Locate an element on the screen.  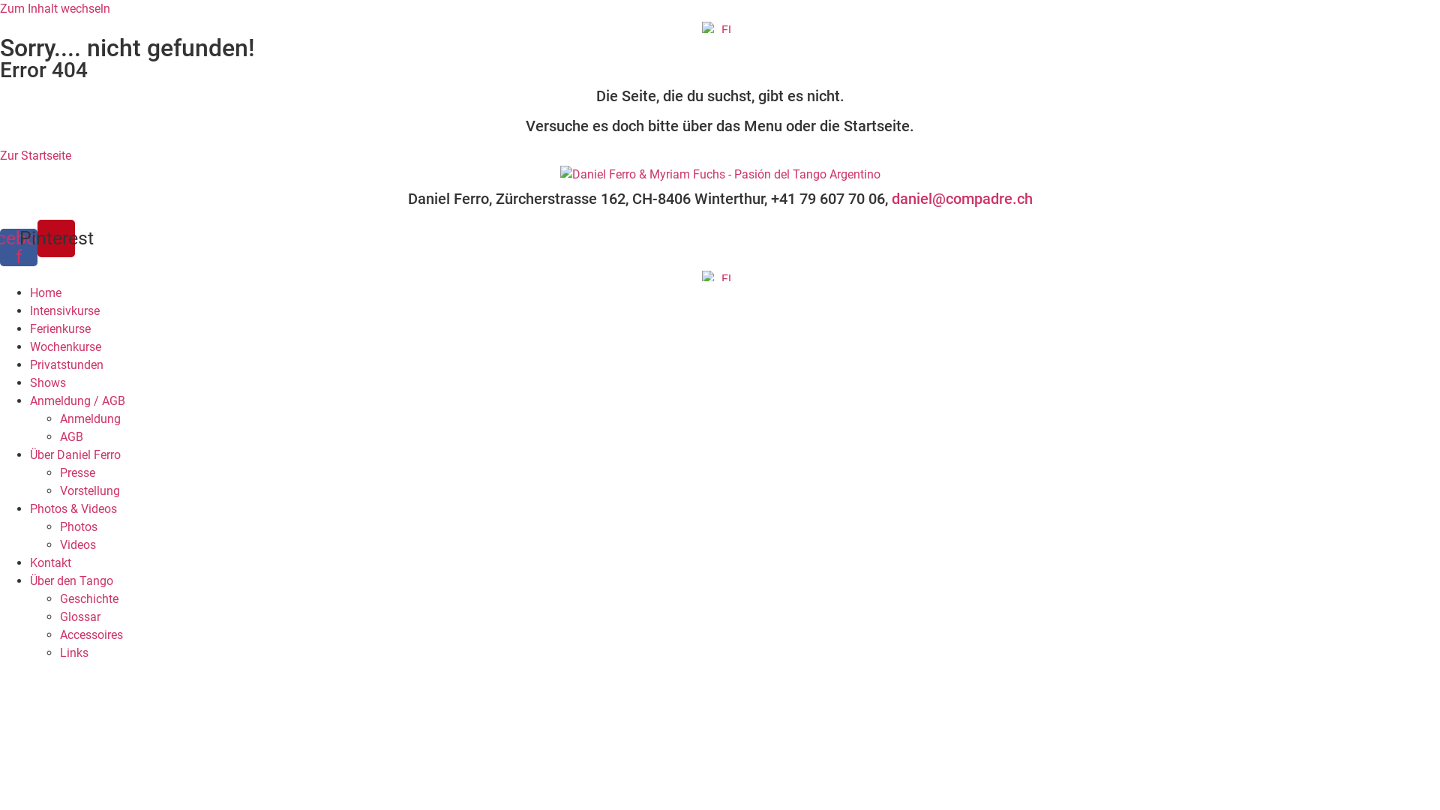
'Ferienkurse' is located at coordinates (60, 328).